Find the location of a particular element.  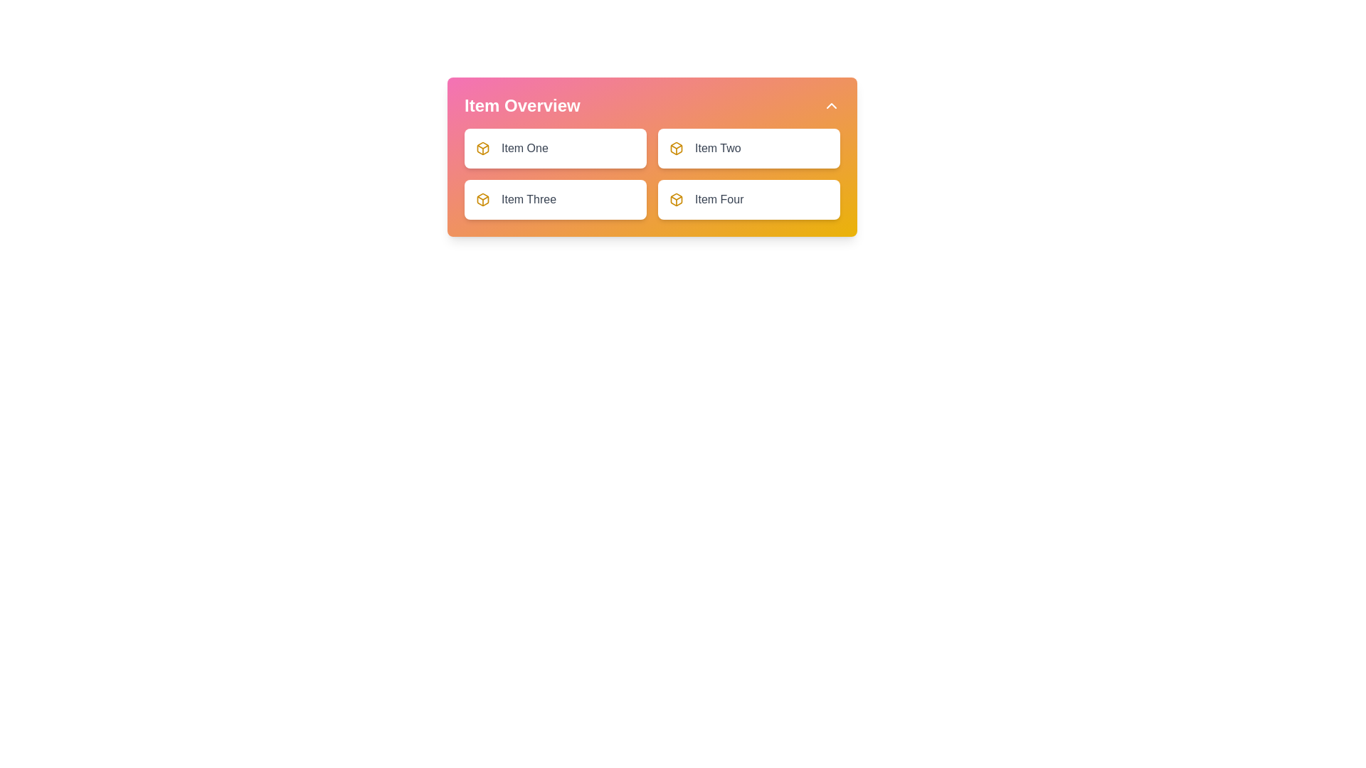

the icon representing 'Item One' located at the top-left corner of the interface is located at coordinates (482, 148).